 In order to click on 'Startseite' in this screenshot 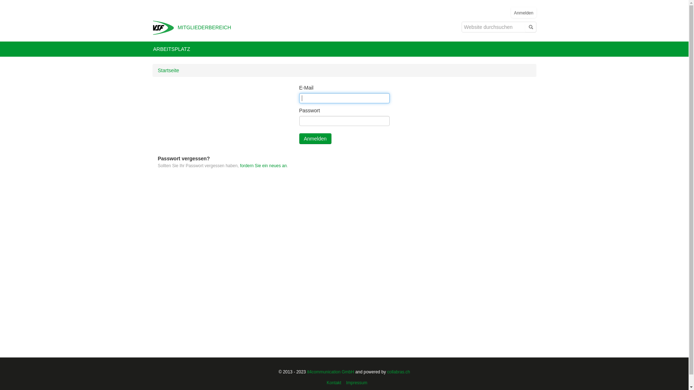, I will do `click(168, 70)`.